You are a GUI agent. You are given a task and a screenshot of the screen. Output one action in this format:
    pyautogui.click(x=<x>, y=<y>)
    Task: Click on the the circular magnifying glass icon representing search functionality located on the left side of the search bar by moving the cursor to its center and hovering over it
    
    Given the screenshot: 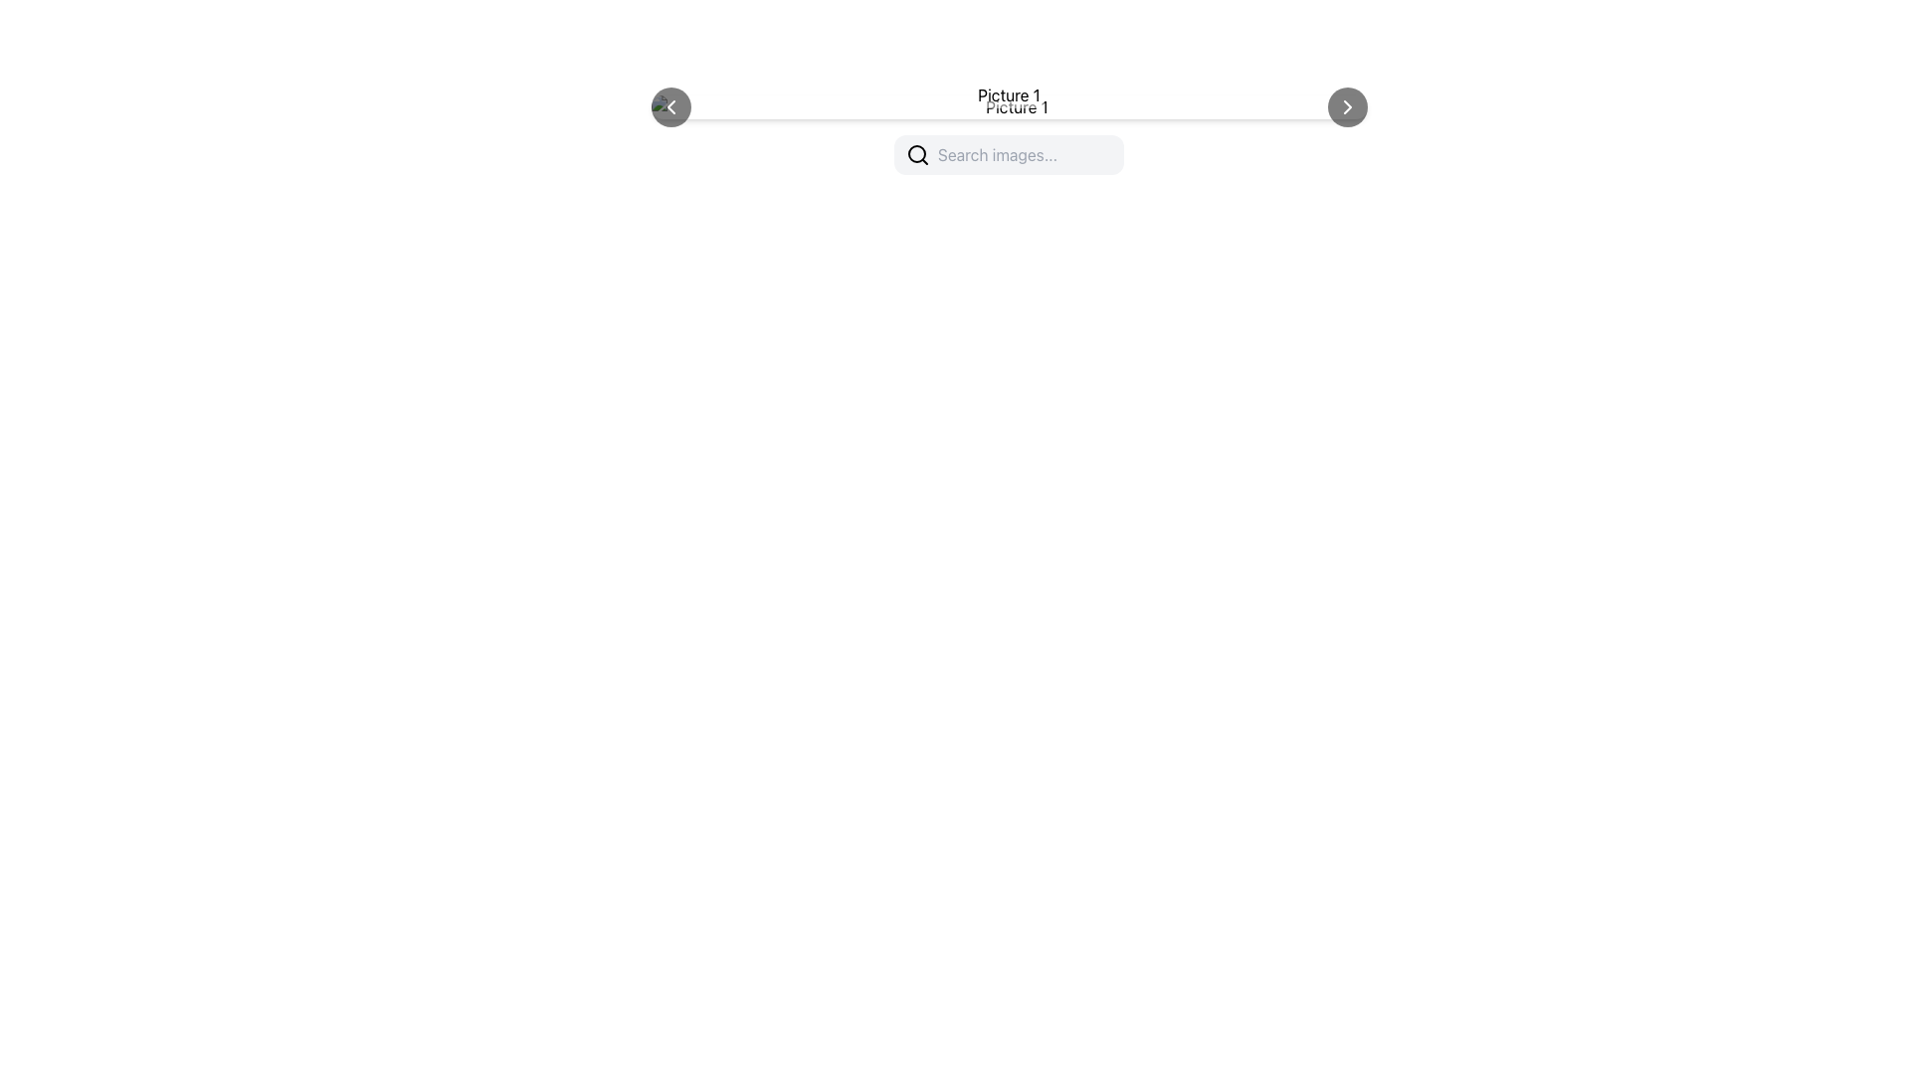 What is the action you would take?
    pyautogui.click(x=916, y=153)
    